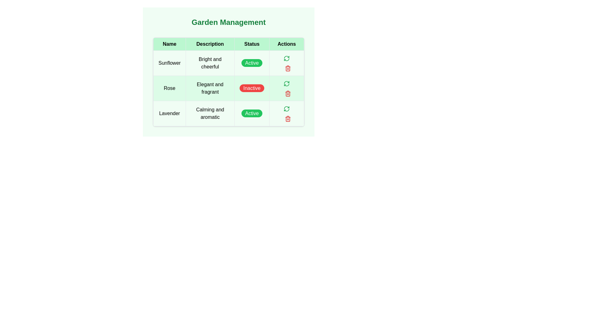 The image size is (599, 336). Describe the element at coordinates (286, 57) in the screenshot. I see `the curved arrow refresh icon with a green stroke in the Actions column for the Rose item in the Garden Management table` at that location.